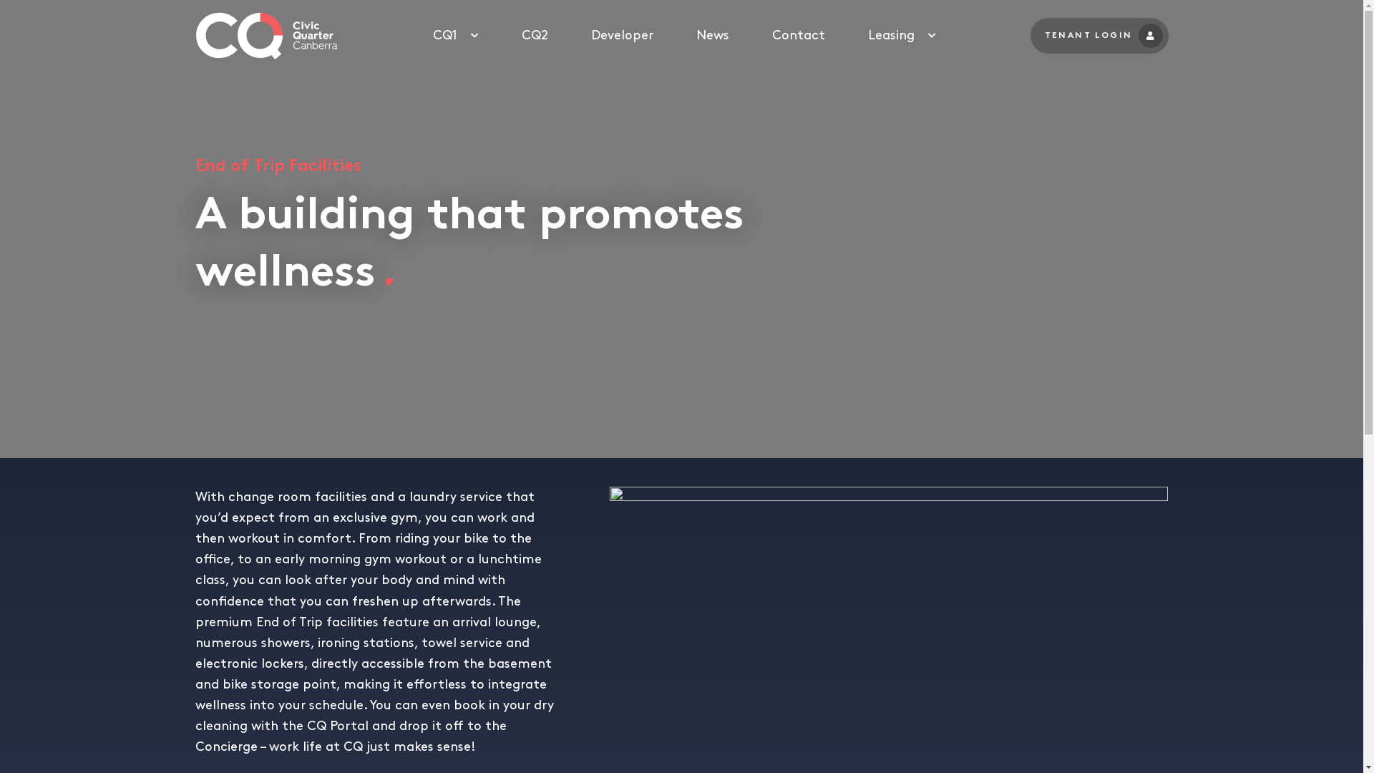  What do you see at coordinates (890, 35) in the screenshot?
I see `'Leasing'` at bounding box center [890, 35].